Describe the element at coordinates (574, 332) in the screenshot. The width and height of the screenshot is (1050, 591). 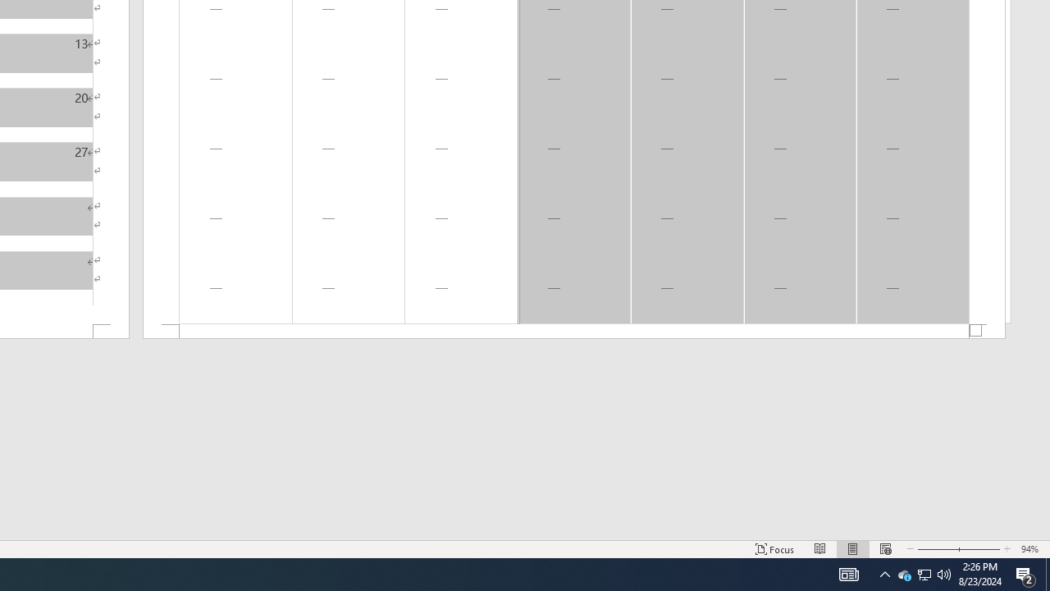
I see `'Footer -Section 1-'` at that location.